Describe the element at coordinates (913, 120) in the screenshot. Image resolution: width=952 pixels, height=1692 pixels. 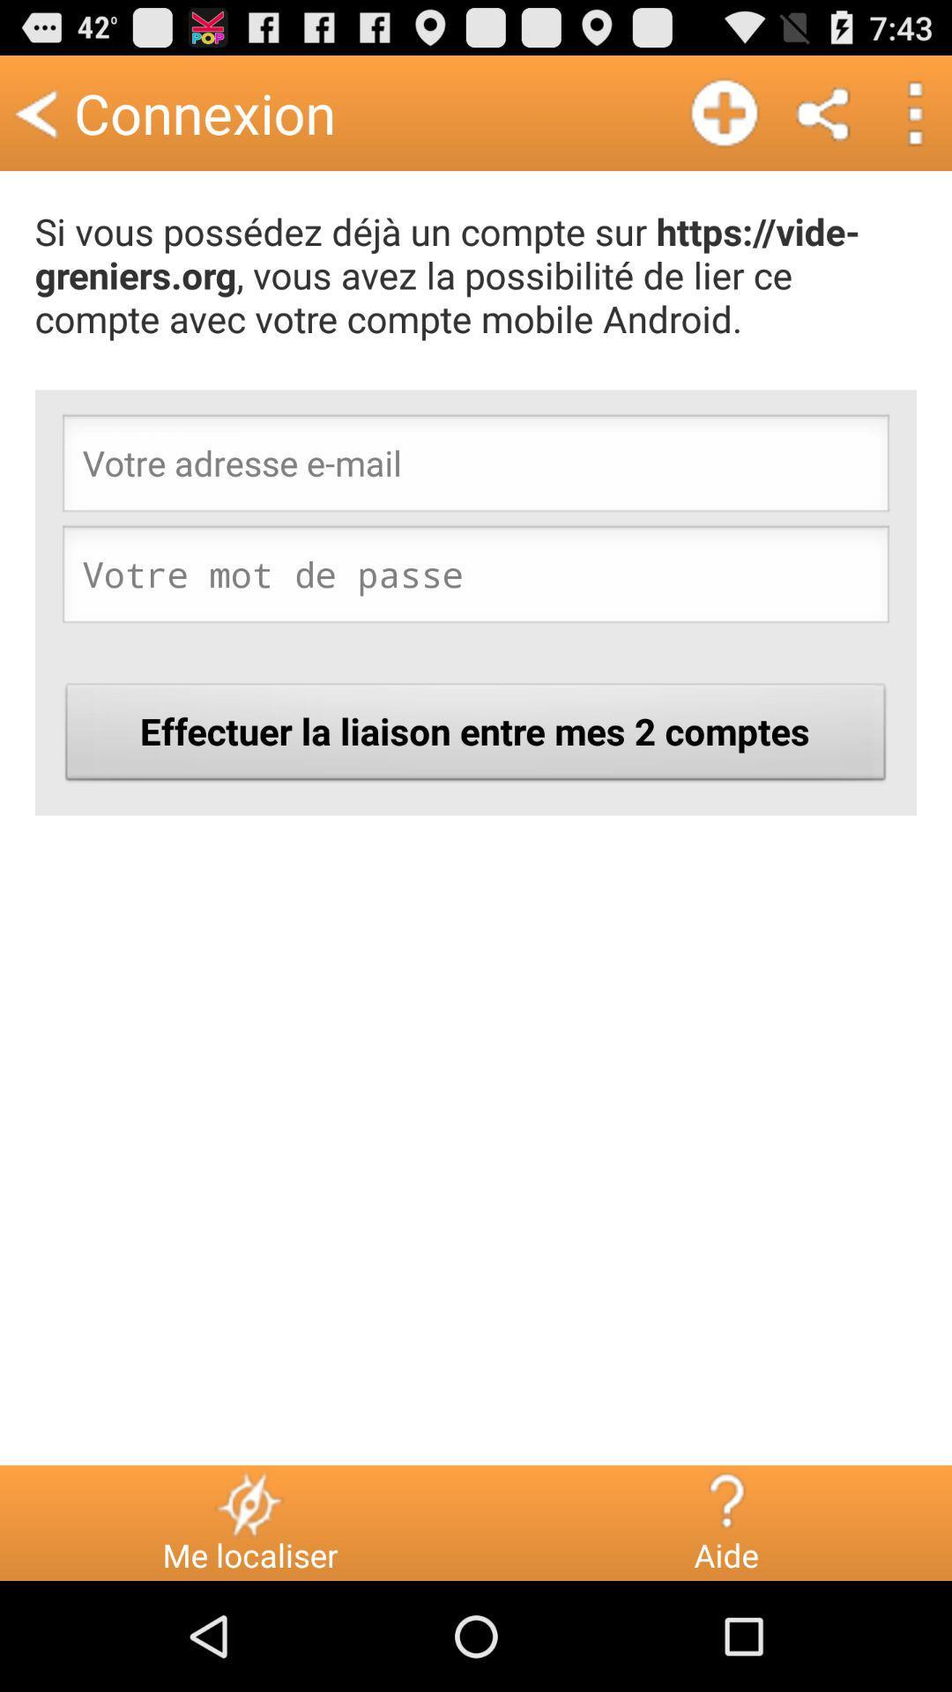
I see `the more icon` at that location.